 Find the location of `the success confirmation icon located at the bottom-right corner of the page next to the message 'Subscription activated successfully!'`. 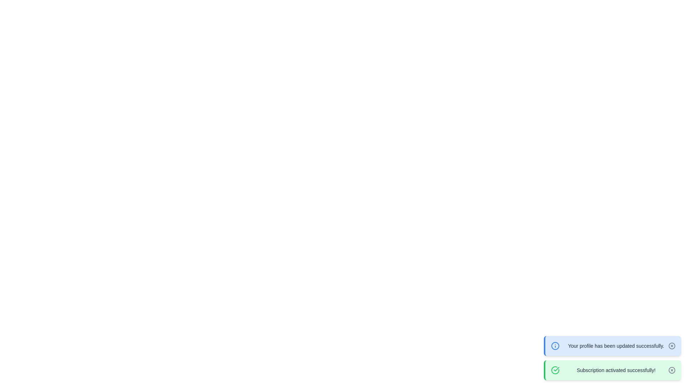

the success confirmation icon located at the bottom-right corner of the page next to the message 'Subscription activated successfully!' is located at coordinates (555, 370).